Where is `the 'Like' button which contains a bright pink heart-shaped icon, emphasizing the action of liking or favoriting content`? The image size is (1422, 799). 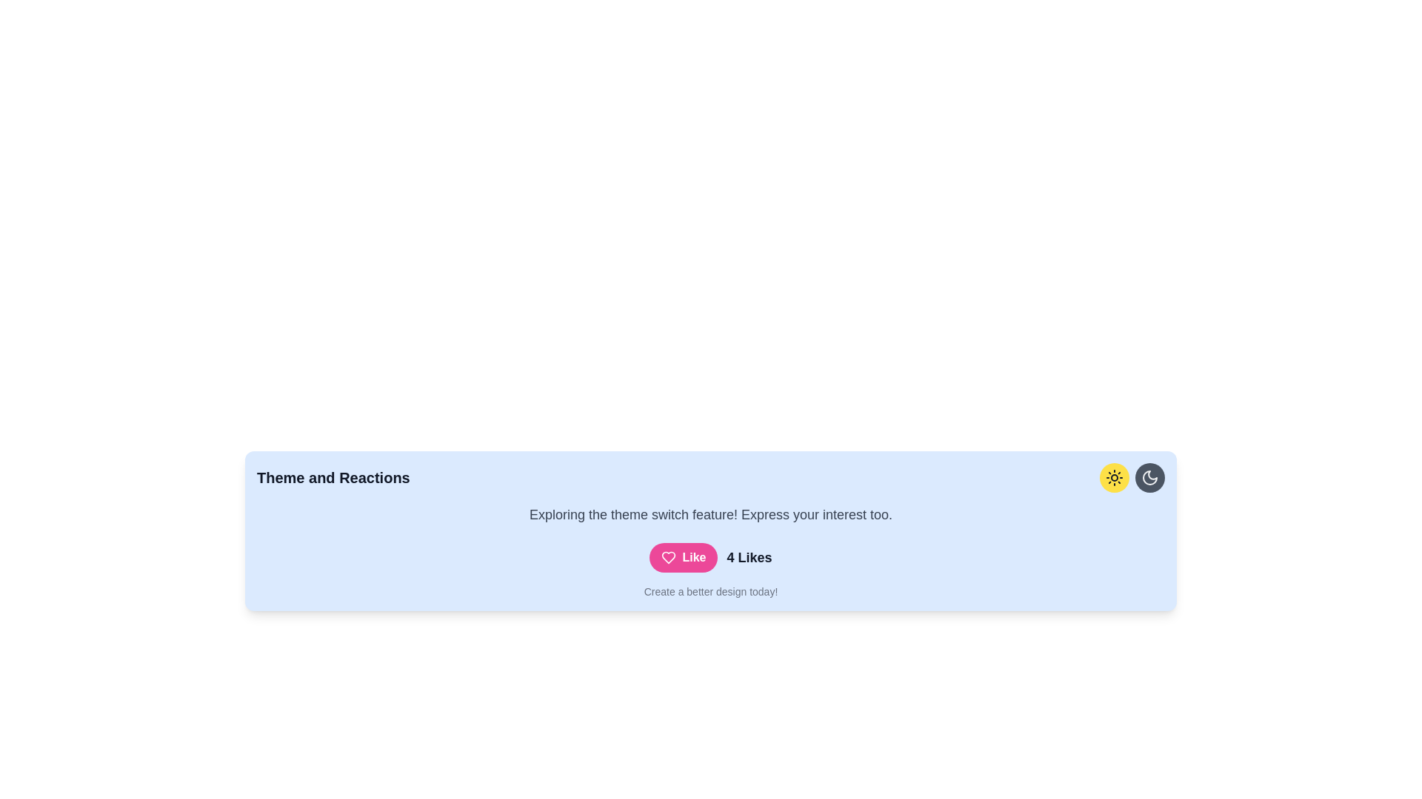 the 'Like' button which contains a bright pink heart-shaped icon, emphasizing the action of liking or favoriting content is located at coordinates (668, 557).